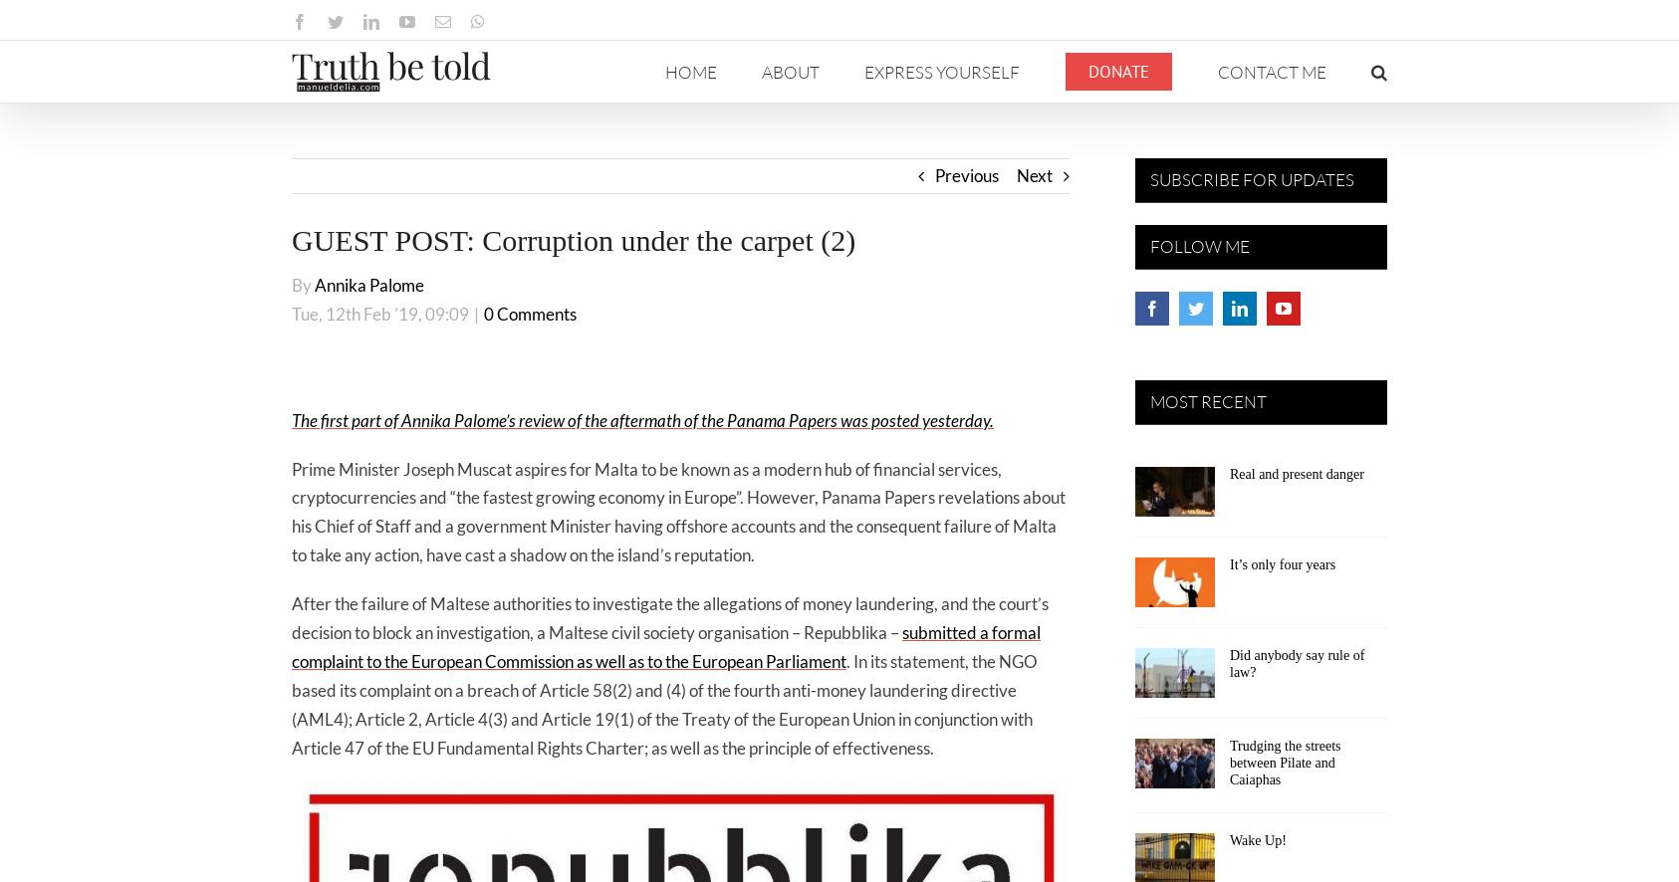  Describe the element at coordinates (669, 616) in the screenshot. I see `'After the failure of Maltese authorities to investigate the allegations of money laundering, and the court’s decision to block an investigation, a Maltese civil society organisation – Repubblika –'` at that location.